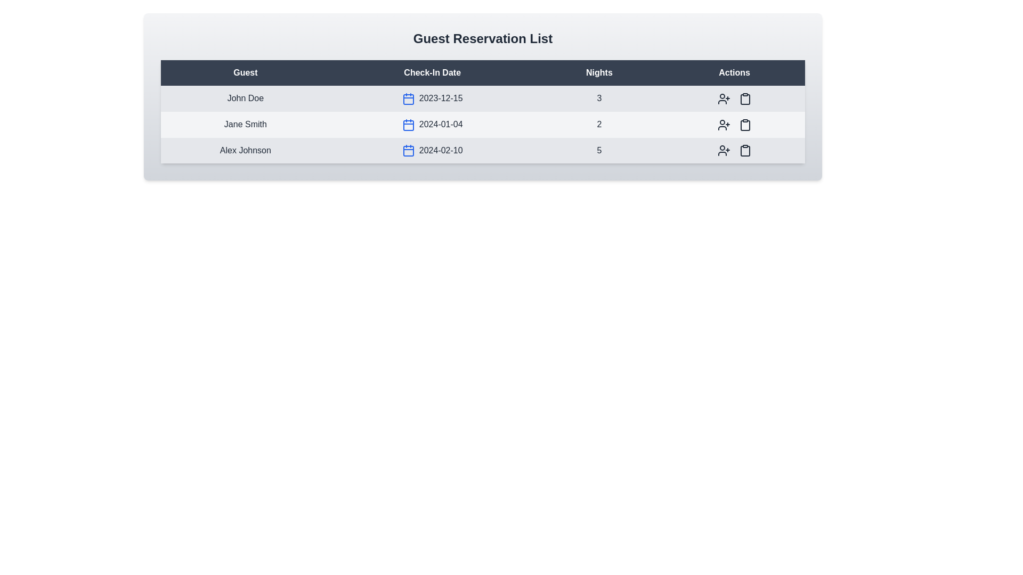 This screenshot has height=575, width=1023. Describe the element at coordinates (408, 98) in the screenshot. I see `the blue calendar icon located in the 'Check-In Date' column of the first row in the 'Guest Reservation List' table, positioned to the left of the date '2023-12-15'` at that location.